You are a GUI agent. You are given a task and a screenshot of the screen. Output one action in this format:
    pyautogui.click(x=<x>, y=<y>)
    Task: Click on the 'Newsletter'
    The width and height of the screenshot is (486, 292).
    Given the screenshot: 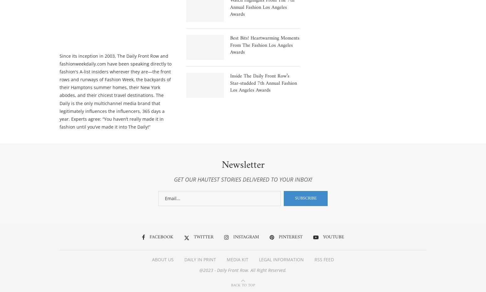 What is the action you would take?
    pyautogui.click(x=243, y=166)
    